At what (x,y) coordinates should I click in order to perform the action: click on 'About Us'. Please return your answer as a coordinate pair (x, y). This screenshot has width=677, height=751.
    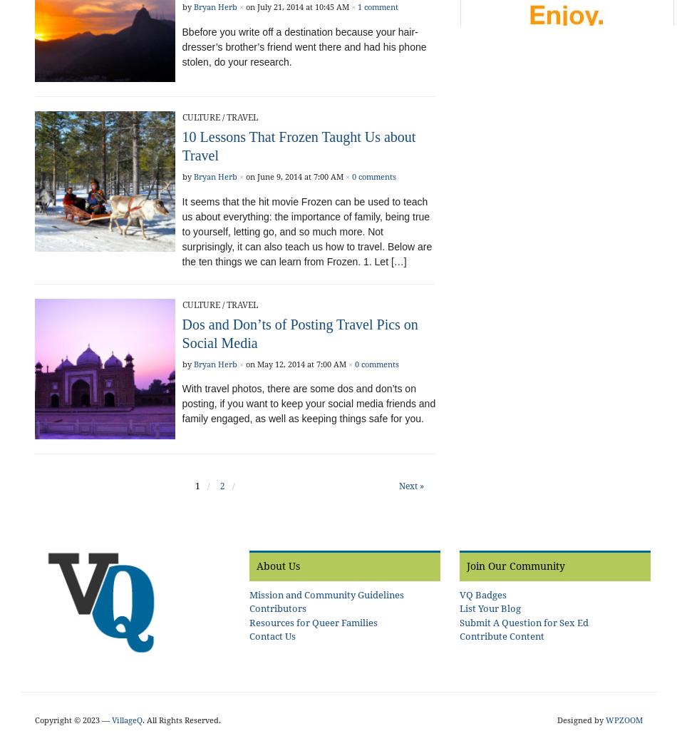
    Looking at the image, I should click on (277, 566).